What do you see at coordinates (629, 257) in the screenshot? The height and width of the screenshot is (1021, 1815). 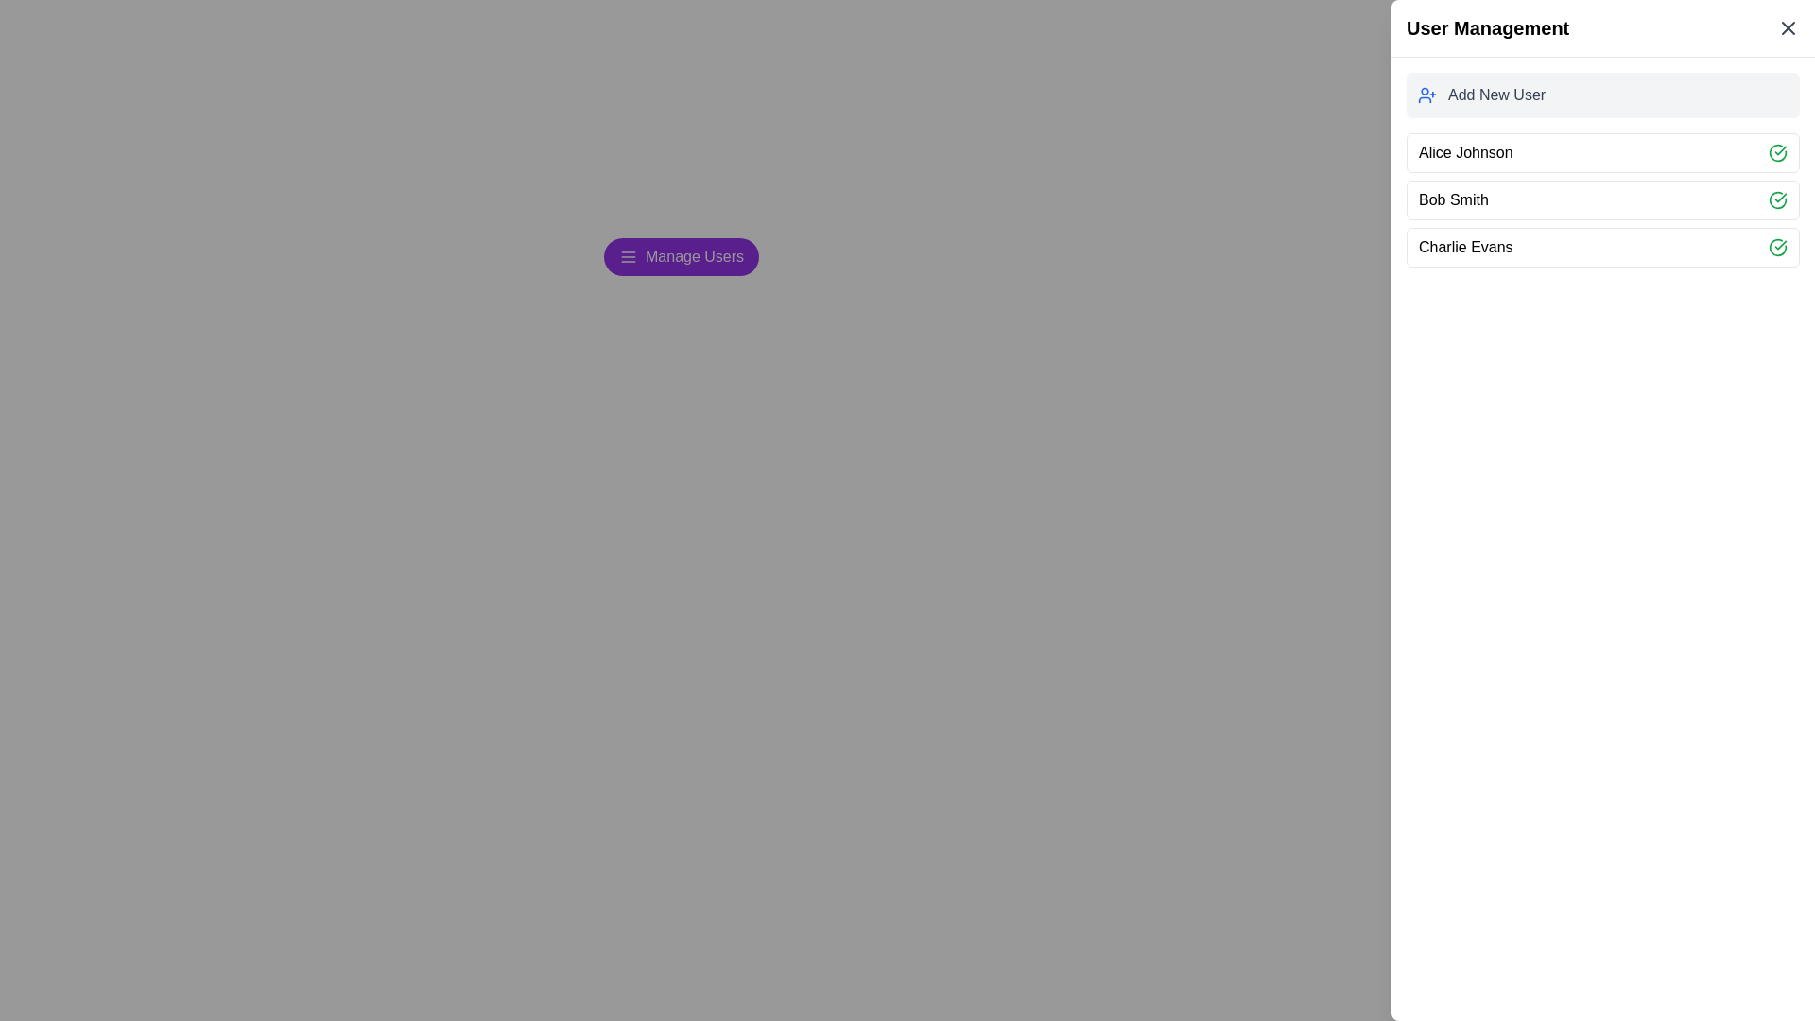 I see `the graphical icon located on the left side of the 'Manage Users' button` at bounding box center [629, 257].